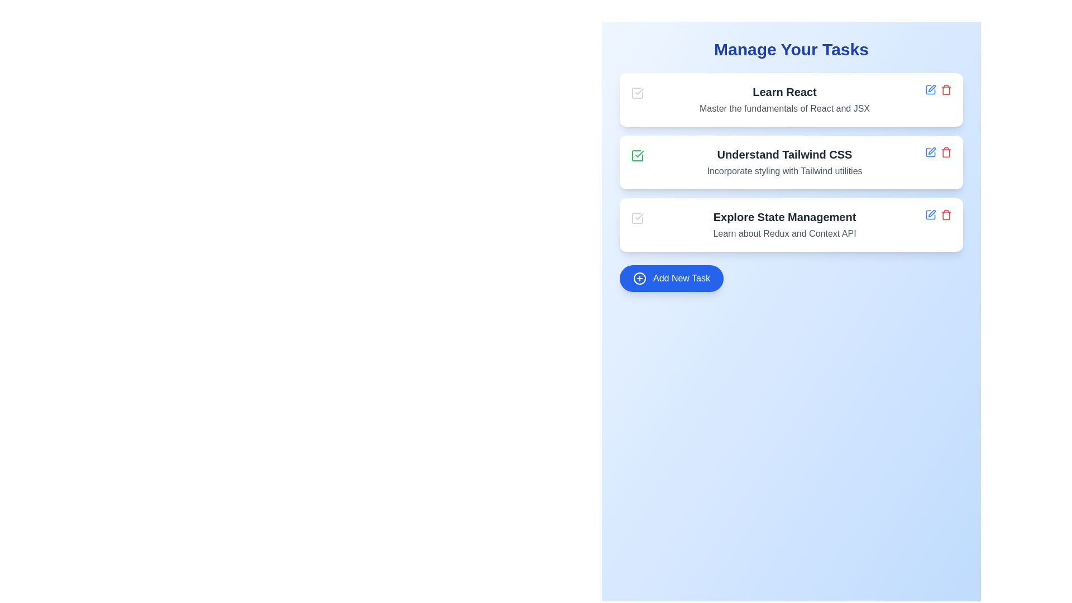 The height and width of the screenshot is (603, 1072). I want to click on the pen icon located to the right of the 'Learn React' task in the task list, so click(932, 88).